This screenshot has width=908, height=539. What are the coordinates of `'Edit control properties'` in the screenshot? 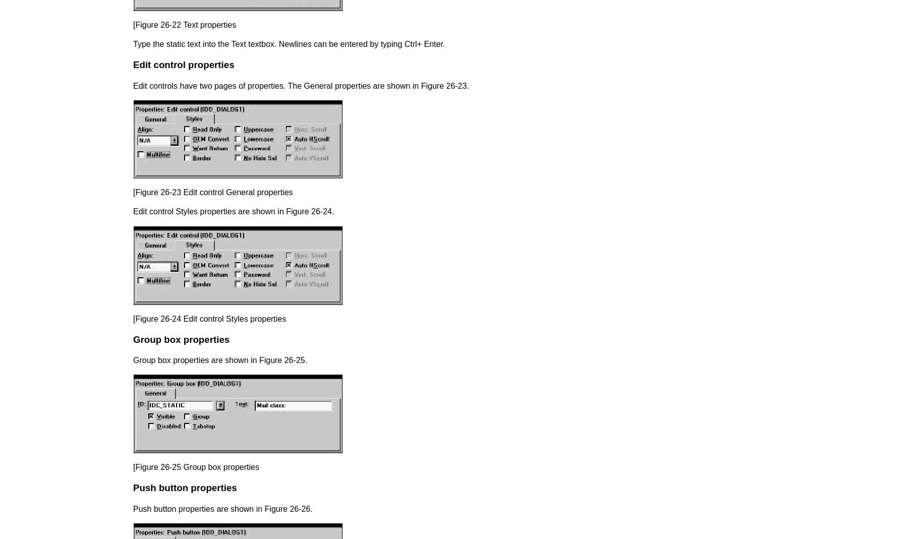 It's located at (133, 65).